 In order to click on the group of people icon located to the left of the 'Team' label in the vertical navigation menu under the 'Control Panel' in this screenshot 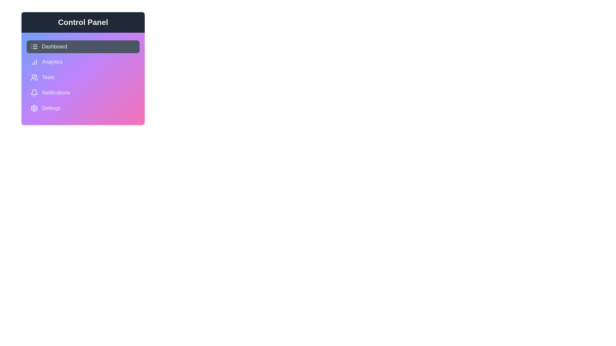, I will do `click(34, 77)`.